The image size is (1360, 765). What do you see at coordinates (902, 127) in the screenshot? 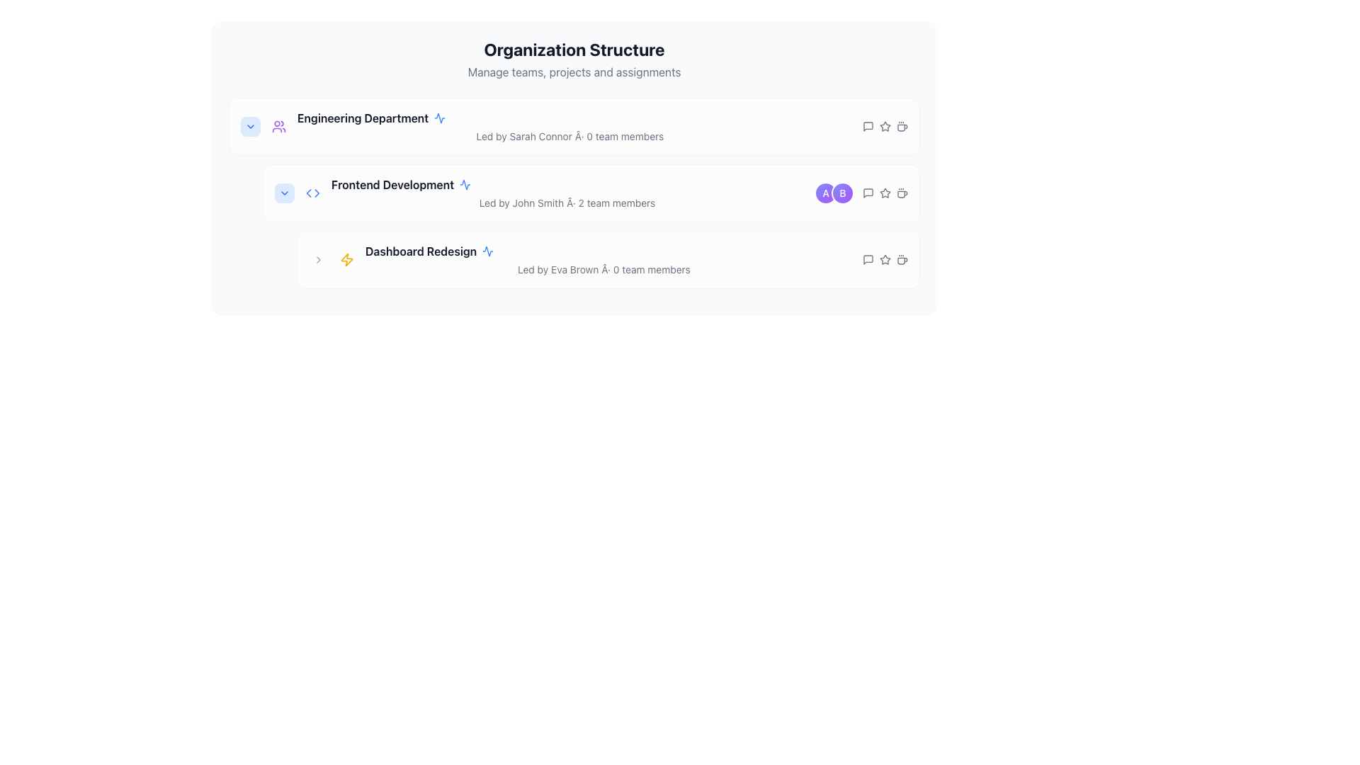
I see `the SVG graphic icon of a steaming coffee cup located on the upper right side of the list item titled 'Engineering Department'. It is the third icon in the sequence of interactive icons associated with this list item` at bounding box center [902, 127].